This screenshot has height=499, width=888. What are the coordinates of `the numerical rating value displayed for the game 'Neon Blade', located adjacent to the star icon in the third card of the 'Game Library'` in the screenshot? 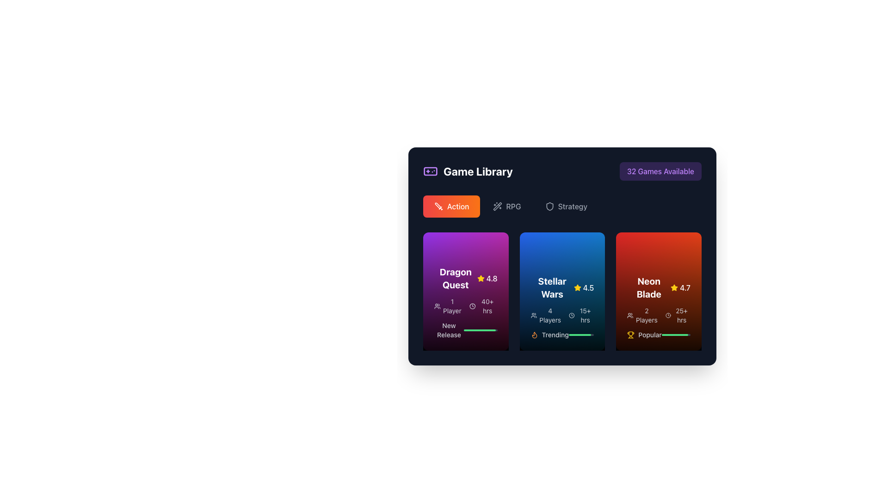 It's located at (685, 287).